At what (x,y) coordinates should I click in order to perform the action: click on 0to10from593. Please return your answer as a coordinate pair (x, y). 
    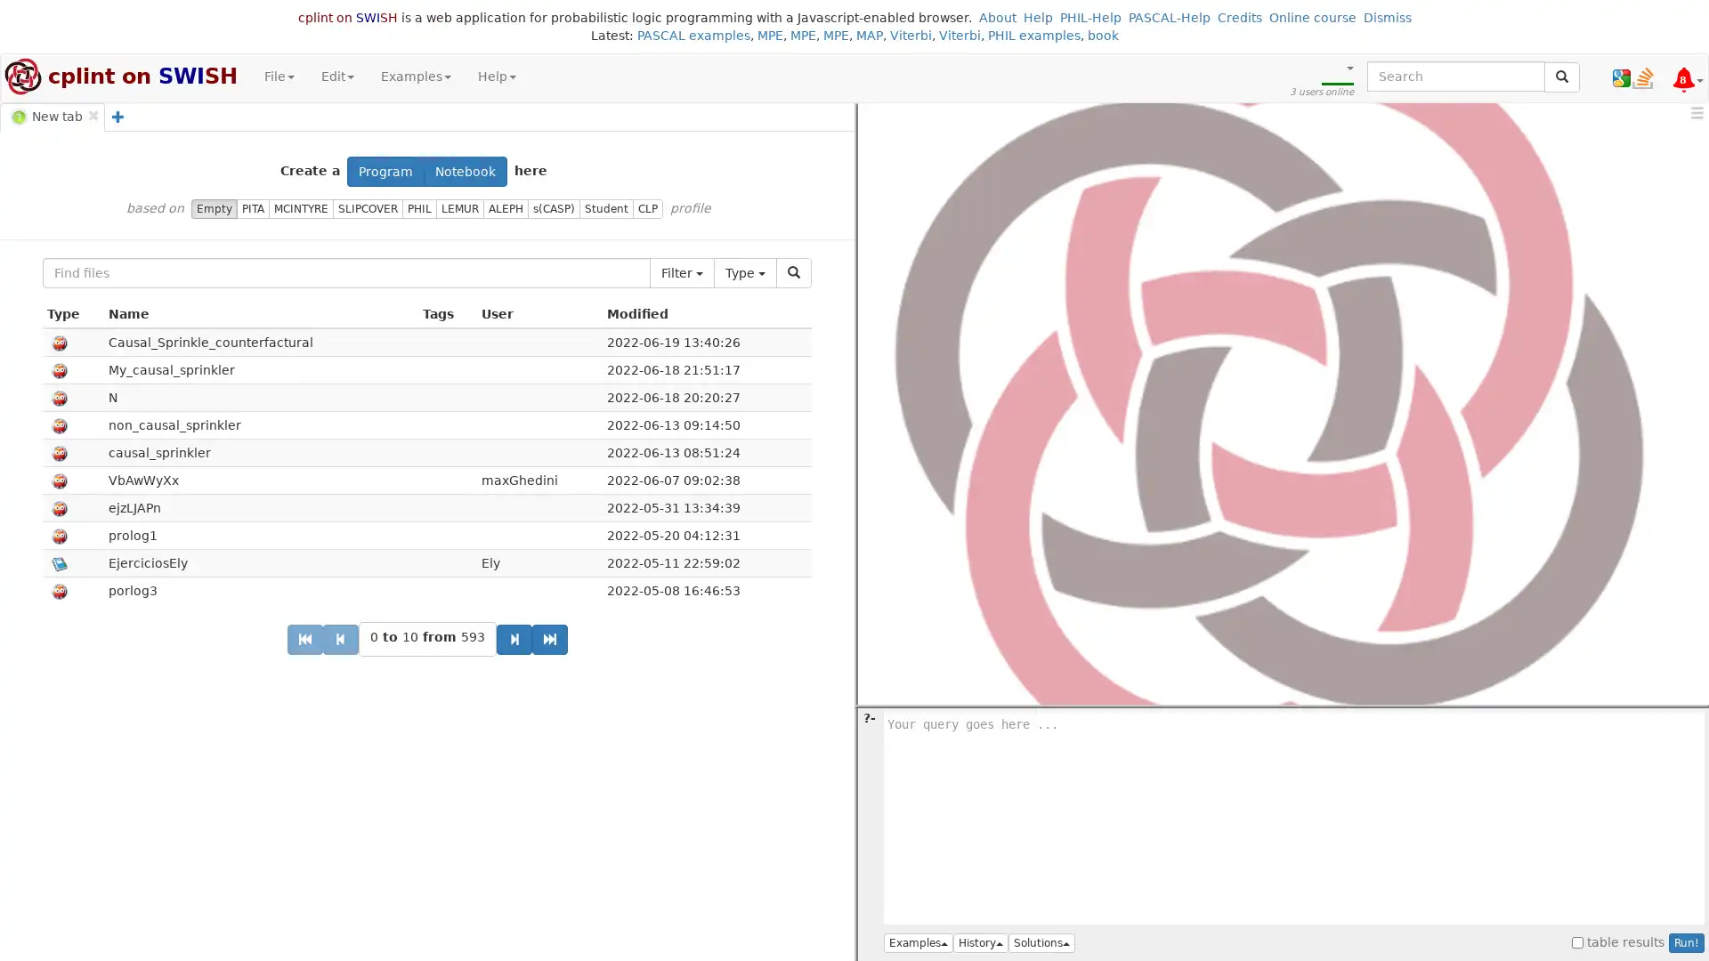
    Looking at the image, I should click on (425, 638).